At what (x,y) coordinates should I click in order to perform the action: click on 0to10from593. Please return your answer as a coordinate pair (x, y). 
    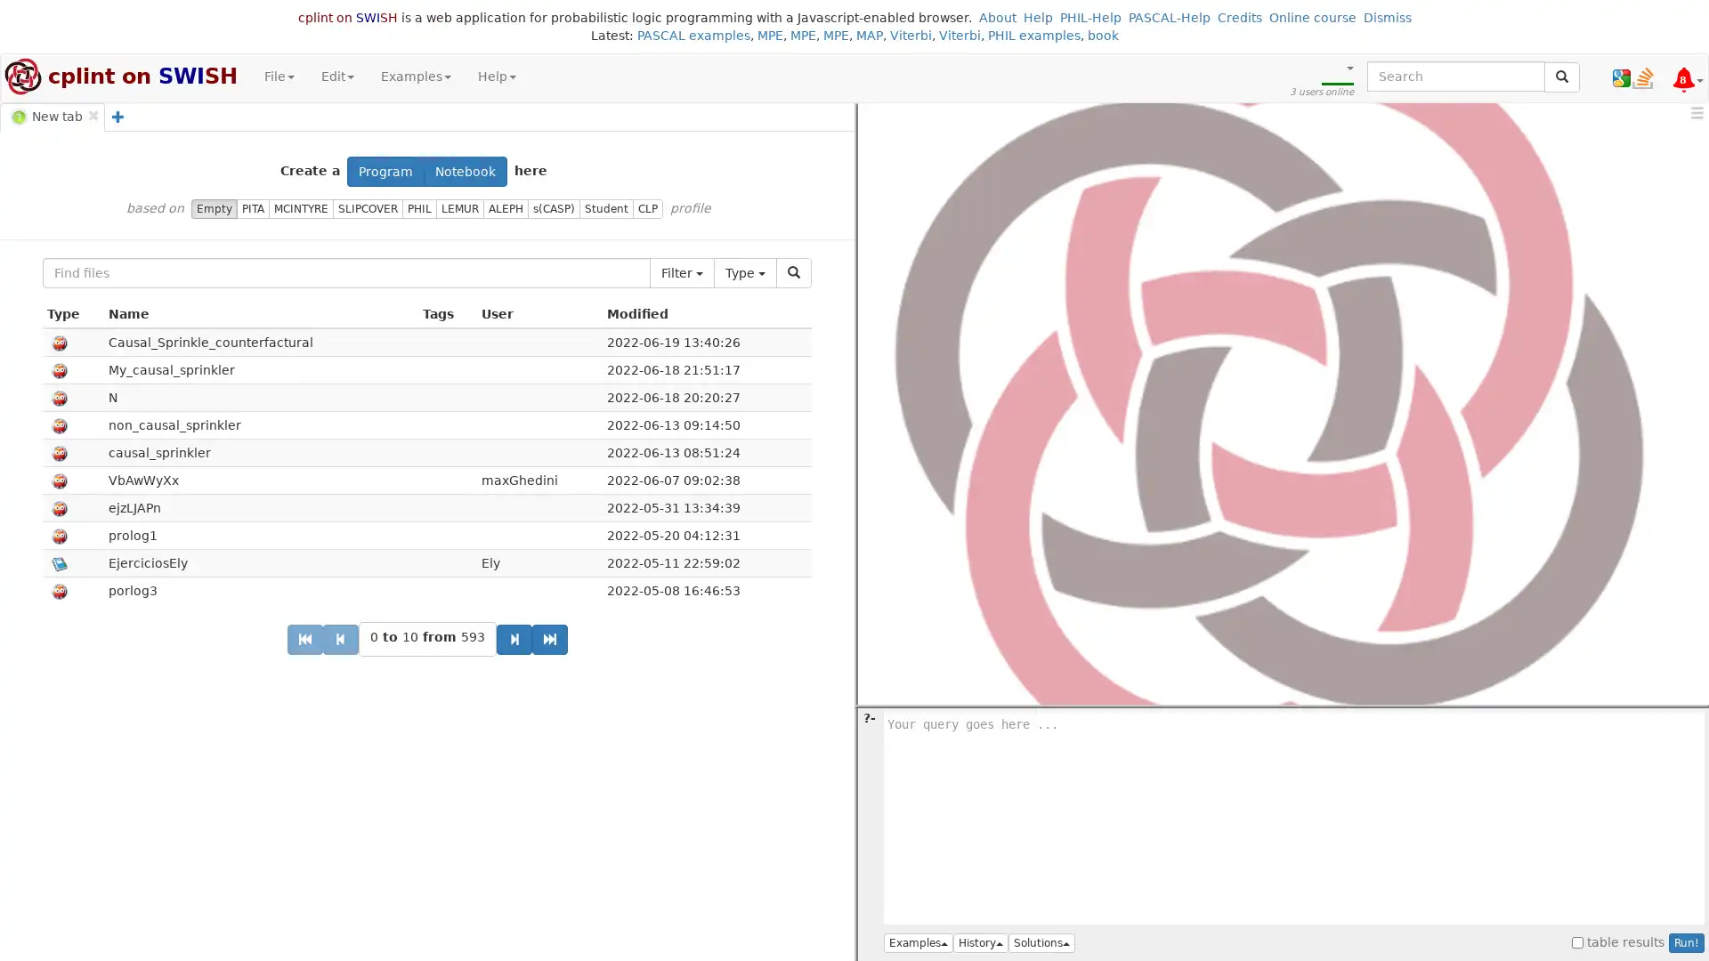
    Looking at the image, I should click on (425, 638).